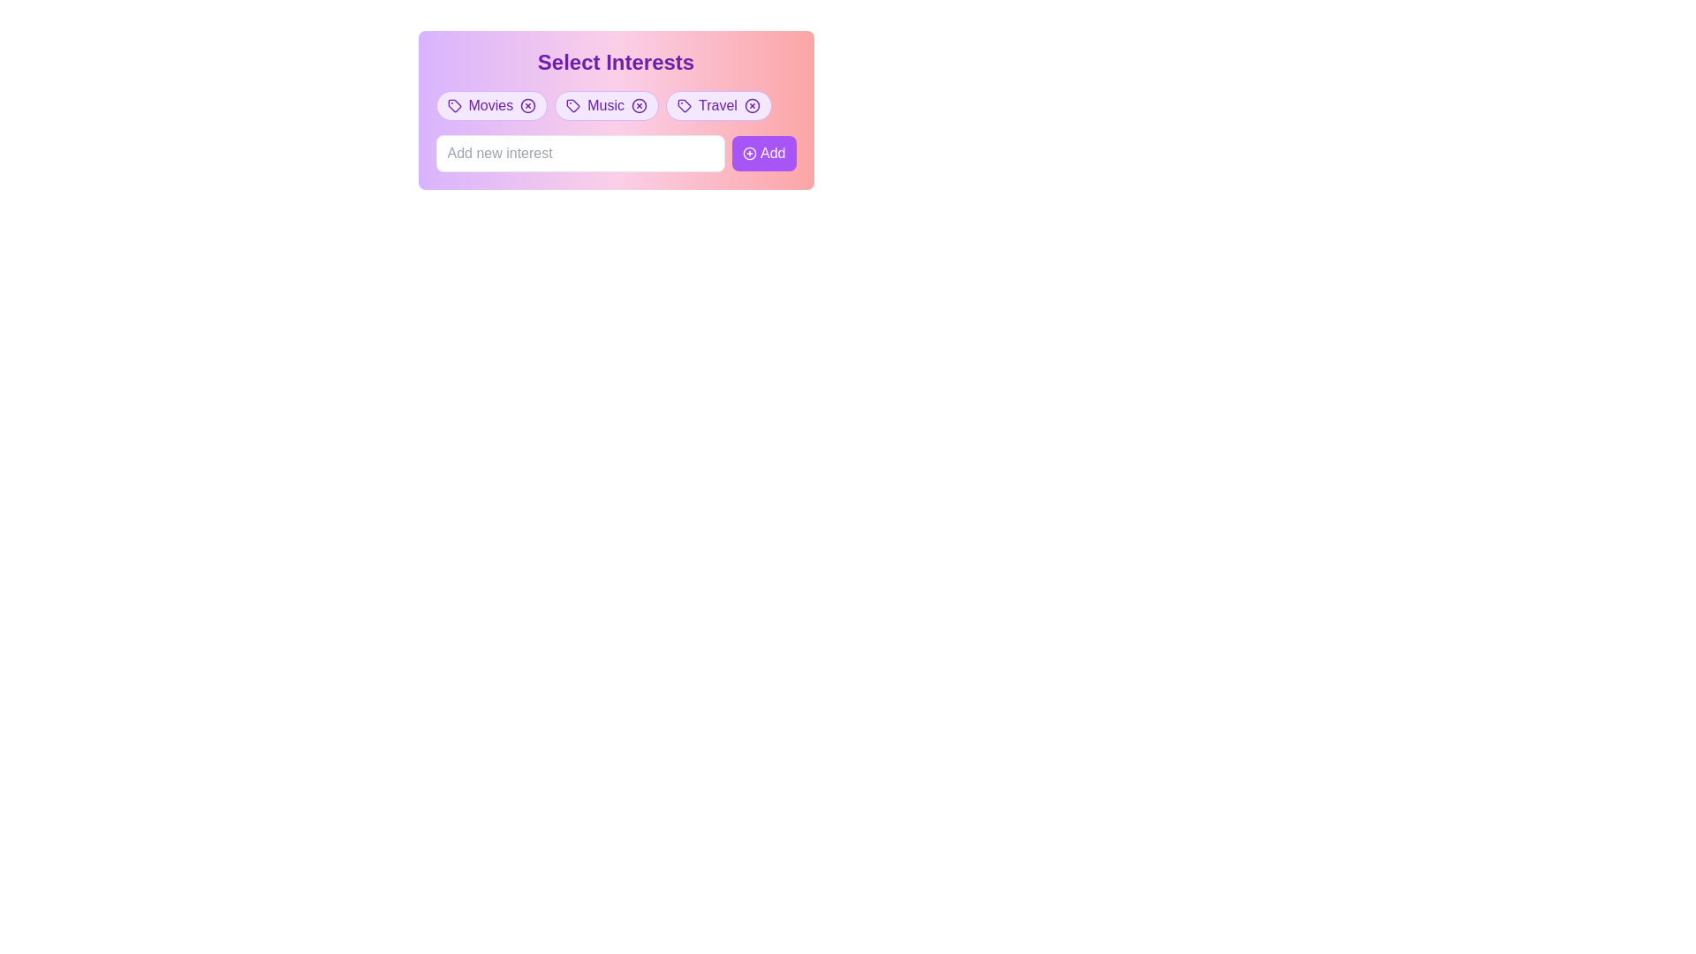 This screenshot has height=954, width=1696. Describe the element at coordinates (683, 105) in the screenshot. I see `the 'Travel' category tag icon, which is the third icon` at that location.